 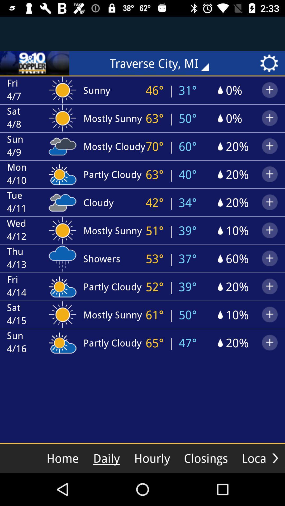 I want to click on the arrow_forward icon, so click(x=275, y=458).